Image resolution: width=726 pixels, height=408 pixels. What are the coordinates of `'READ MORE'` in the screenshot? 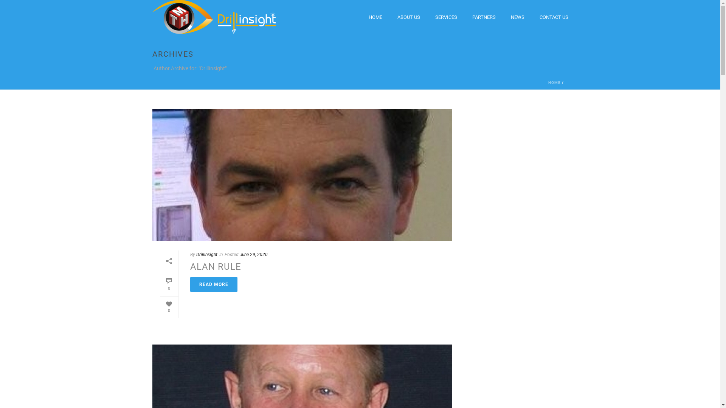 It's located at (213, 284).